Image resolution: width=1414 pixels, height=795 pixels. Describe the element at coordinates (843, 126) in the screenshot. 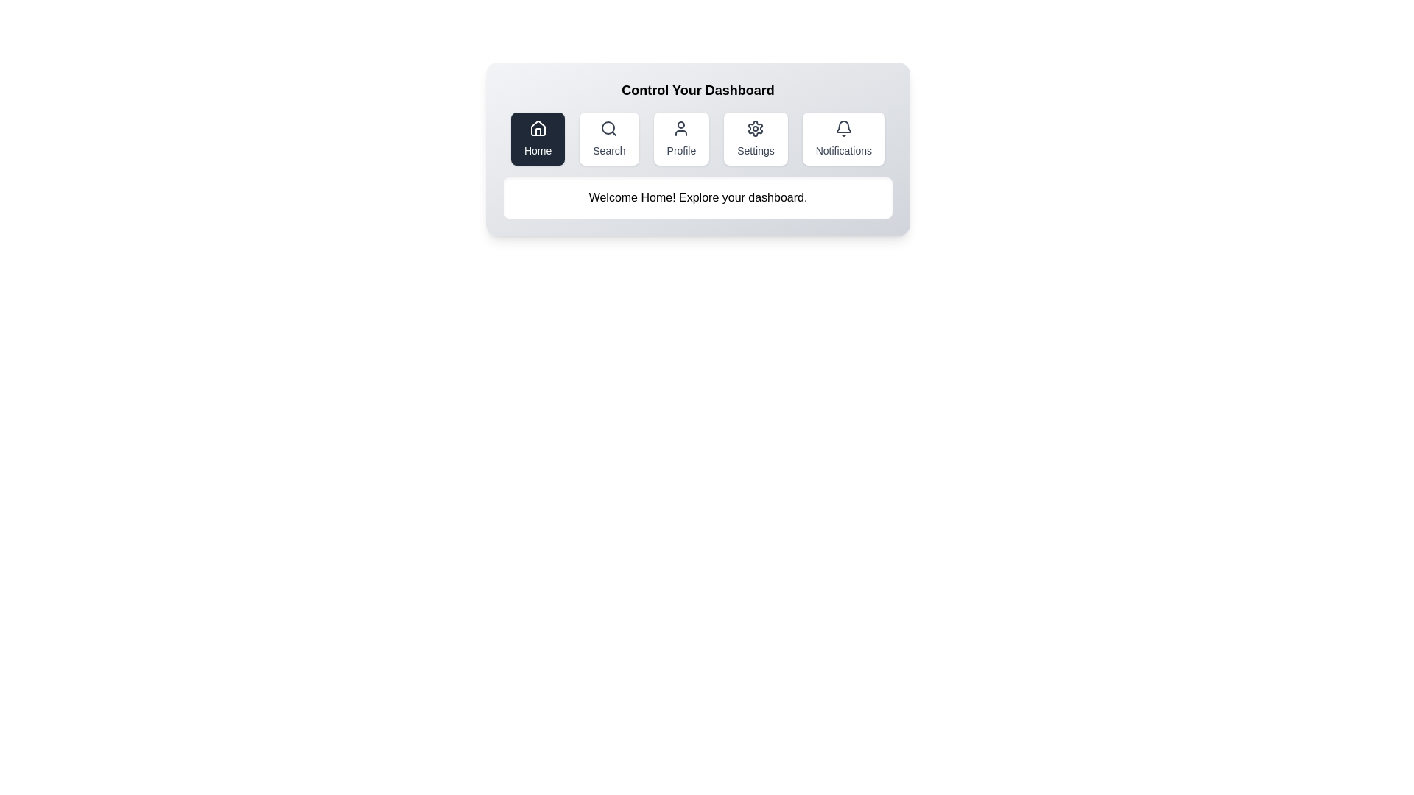

I see `bell notification icon located in the top-right section of the interface within the 'Notifications' tile for design or debugging purposes` at that location.